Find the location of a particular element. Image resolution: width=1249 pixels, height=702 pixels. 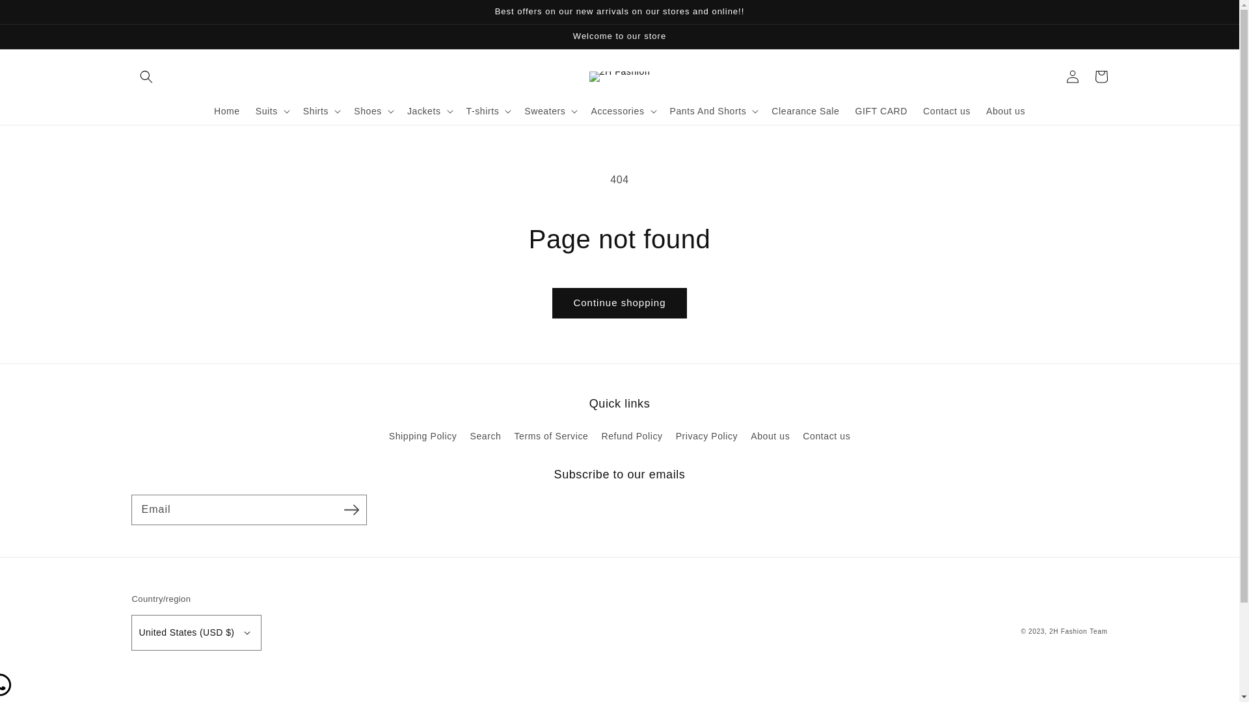

'Privacy Policy' is located at coordinates (706, 436).